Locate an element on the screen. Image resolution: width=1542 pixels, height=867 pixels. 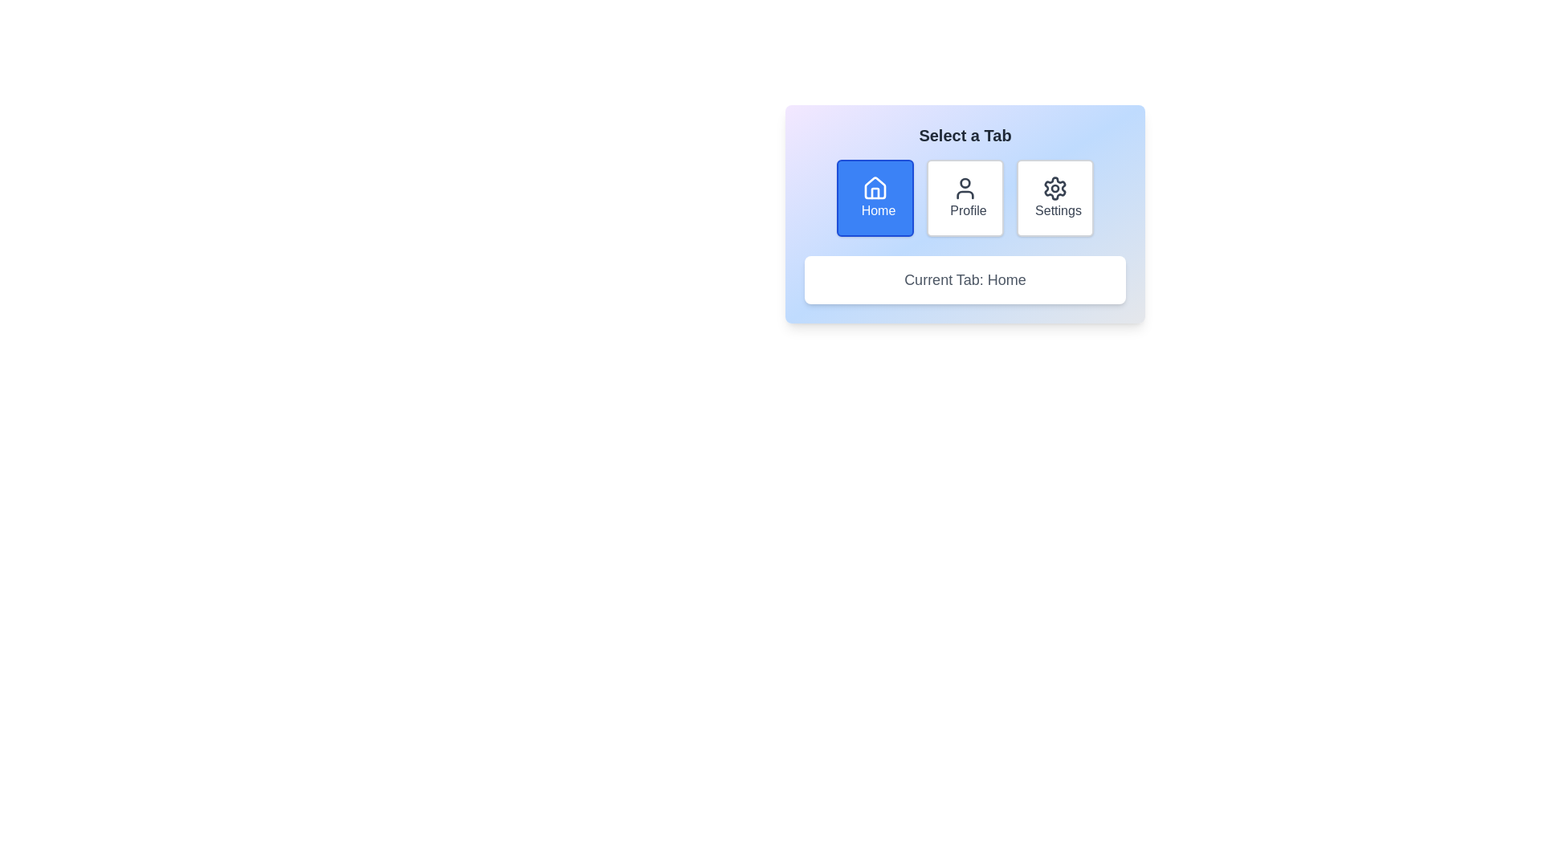
the user profile icon, which is a dark-colored human figure outline centrally placed within the 'Profile' button is located at coordinates (964, 188).